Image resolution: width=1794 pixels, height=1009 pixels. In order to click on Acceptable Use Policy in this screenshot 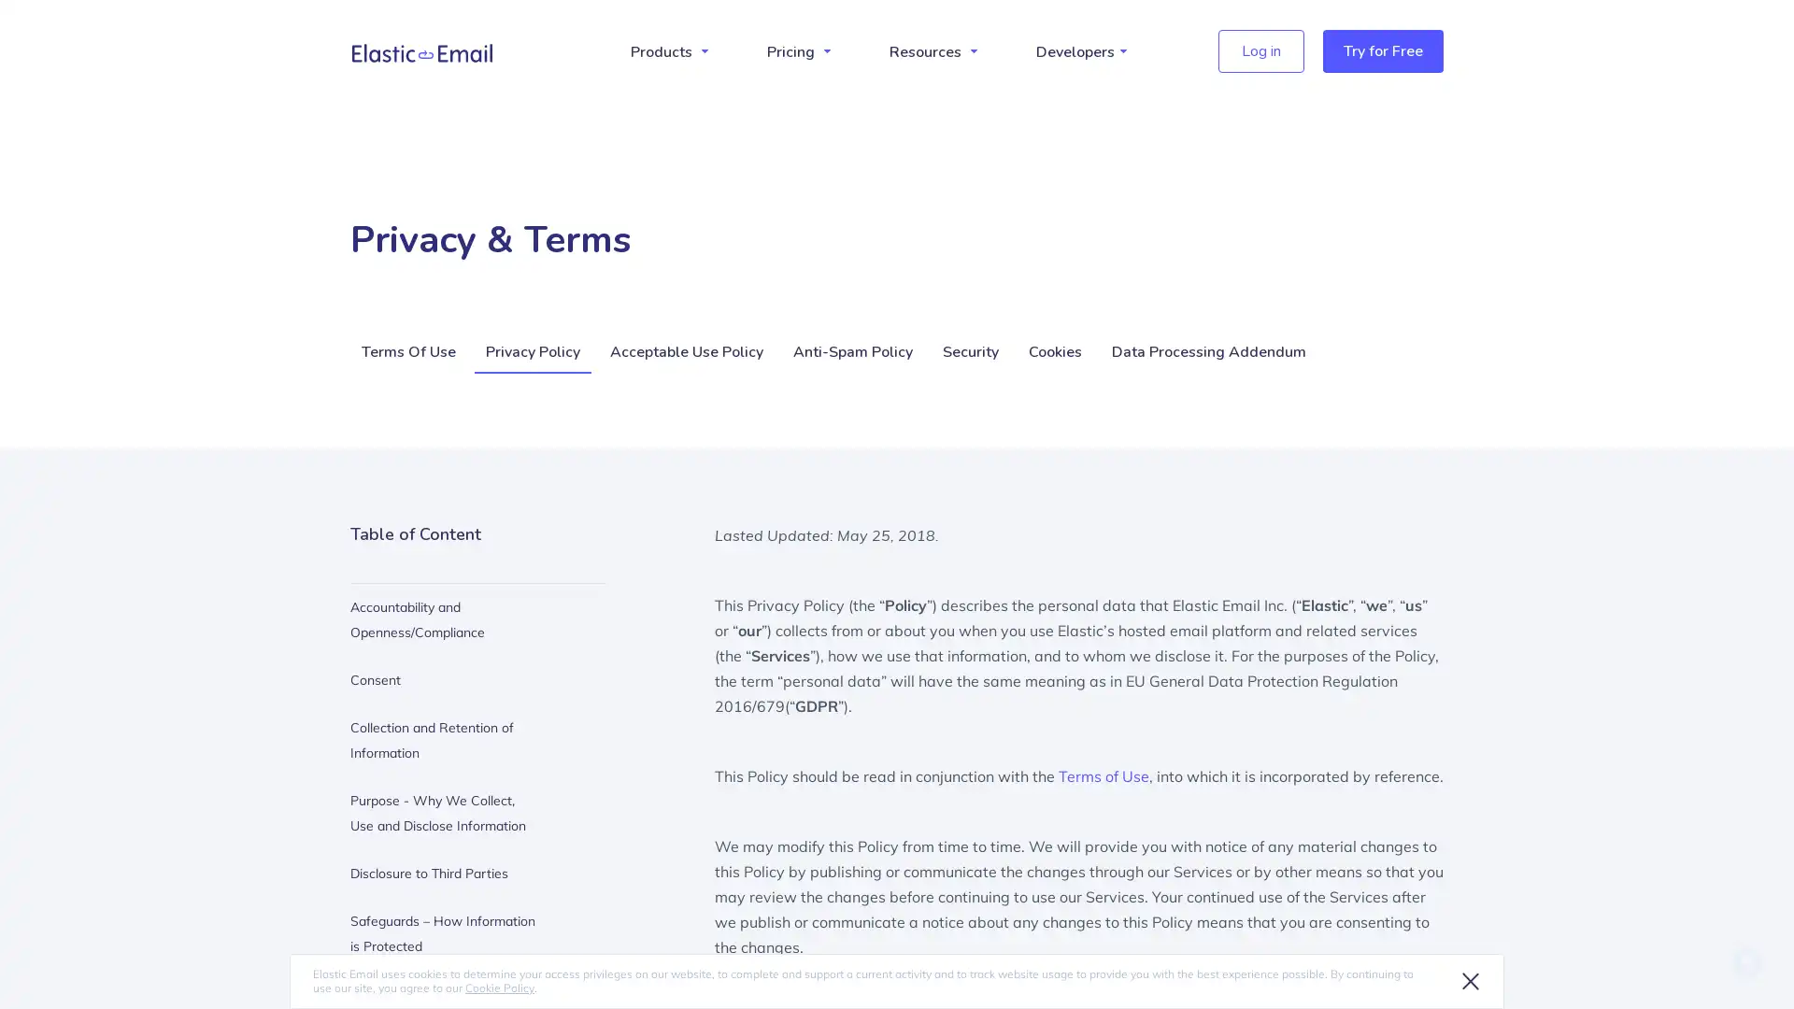, I will do `click(685, 353)`.